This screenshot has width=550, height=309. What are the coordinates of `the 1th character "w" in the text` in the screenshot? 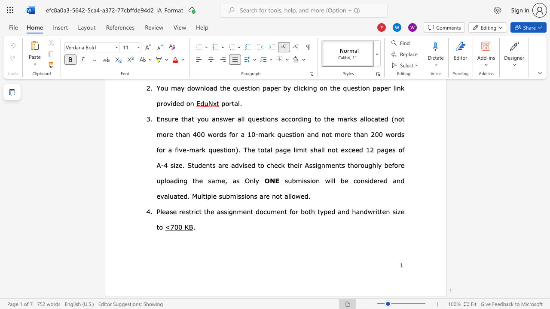 It's located at (327, 180).